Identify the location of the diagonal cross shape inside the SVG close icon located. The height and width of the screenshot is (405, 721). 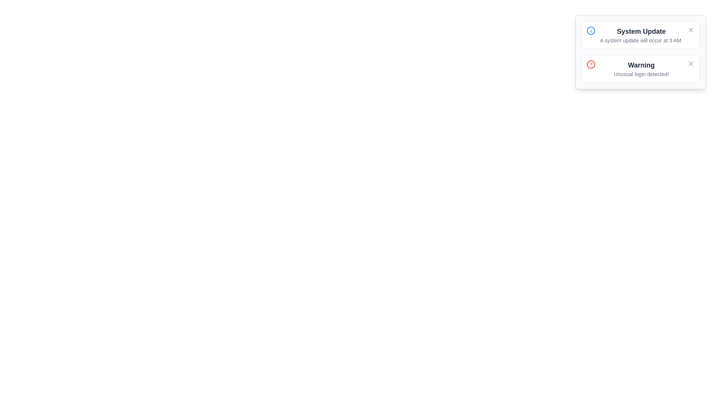
(691, 63).